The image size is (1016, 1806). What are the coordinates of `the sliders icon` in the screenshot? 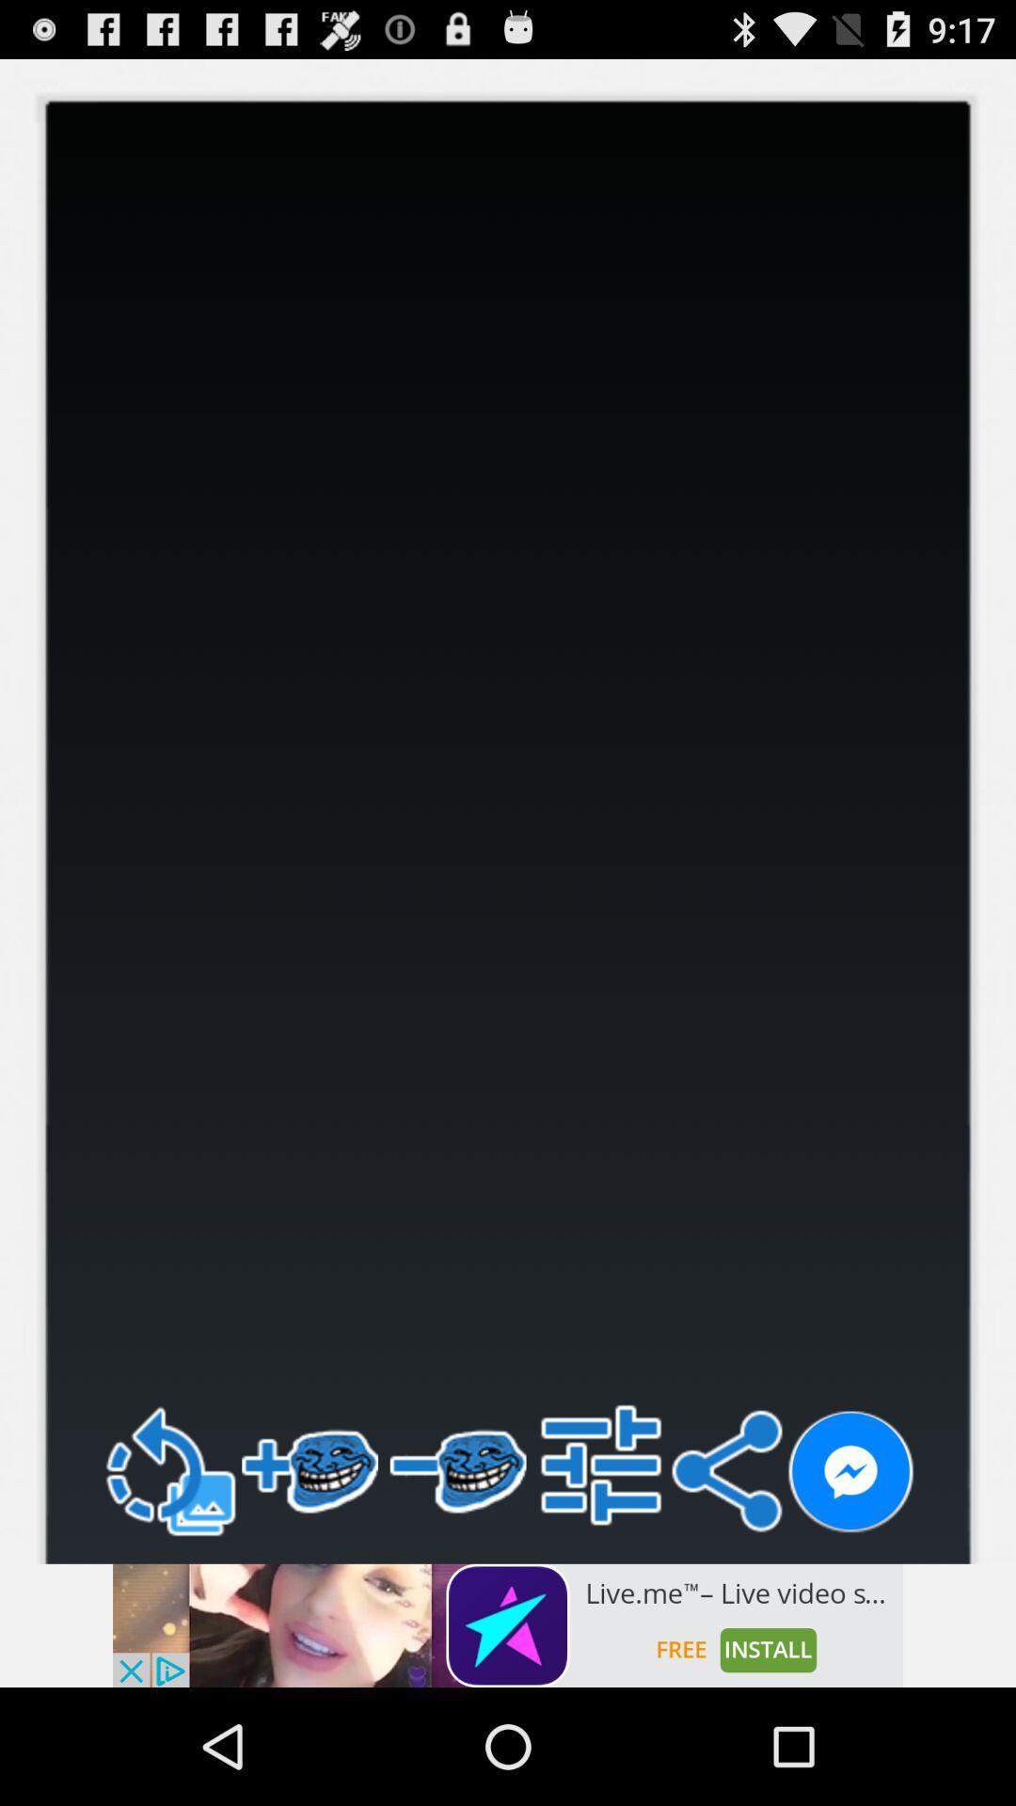 It's located at (601, 1568).